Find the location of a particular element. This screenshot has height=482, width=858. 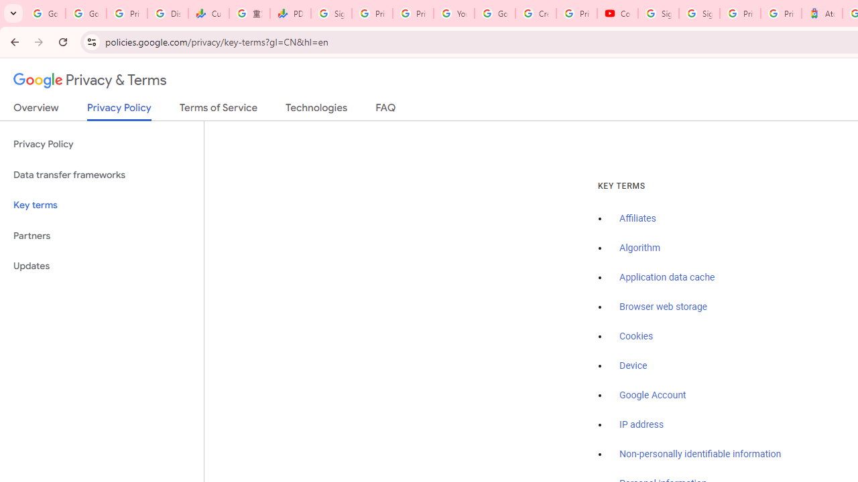

'Create your Google Account' is located at coordinates (535, 13).